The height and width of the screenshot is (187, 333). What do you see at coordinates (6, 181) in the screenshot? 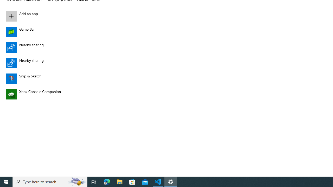
I see `'Start'` at bounding box center [6, 181].